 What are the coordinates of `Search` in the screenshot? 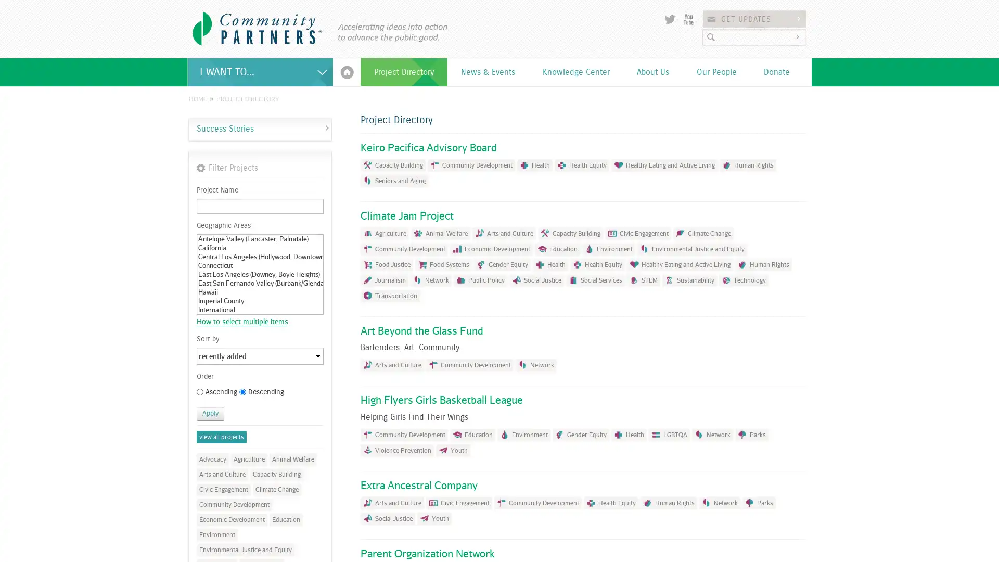 It's located at (799, 36).